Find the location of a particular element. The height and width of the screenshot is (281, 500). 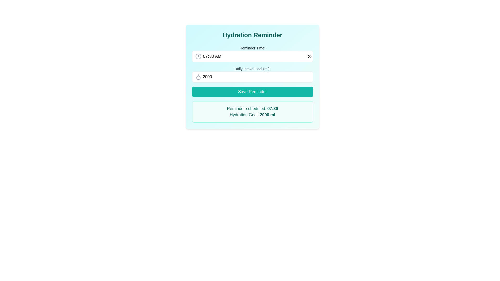

the 'Reminder Time:' text label, which is styled in a small font size and dark gray color, located in the header section of the 'Hydration Reminder' card interface is located at coordinates (252, 48).